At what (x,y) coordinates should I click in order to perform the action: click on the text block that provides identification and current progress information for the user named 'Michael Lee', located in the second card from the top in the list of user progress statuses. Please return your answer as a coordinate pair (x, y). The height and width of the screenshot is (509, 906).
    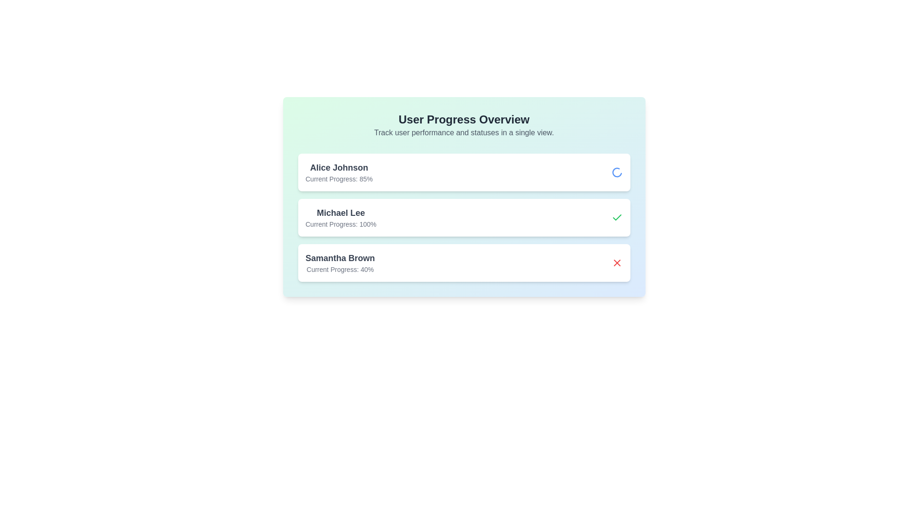
    Looking at the image, I should click on (340, 218).